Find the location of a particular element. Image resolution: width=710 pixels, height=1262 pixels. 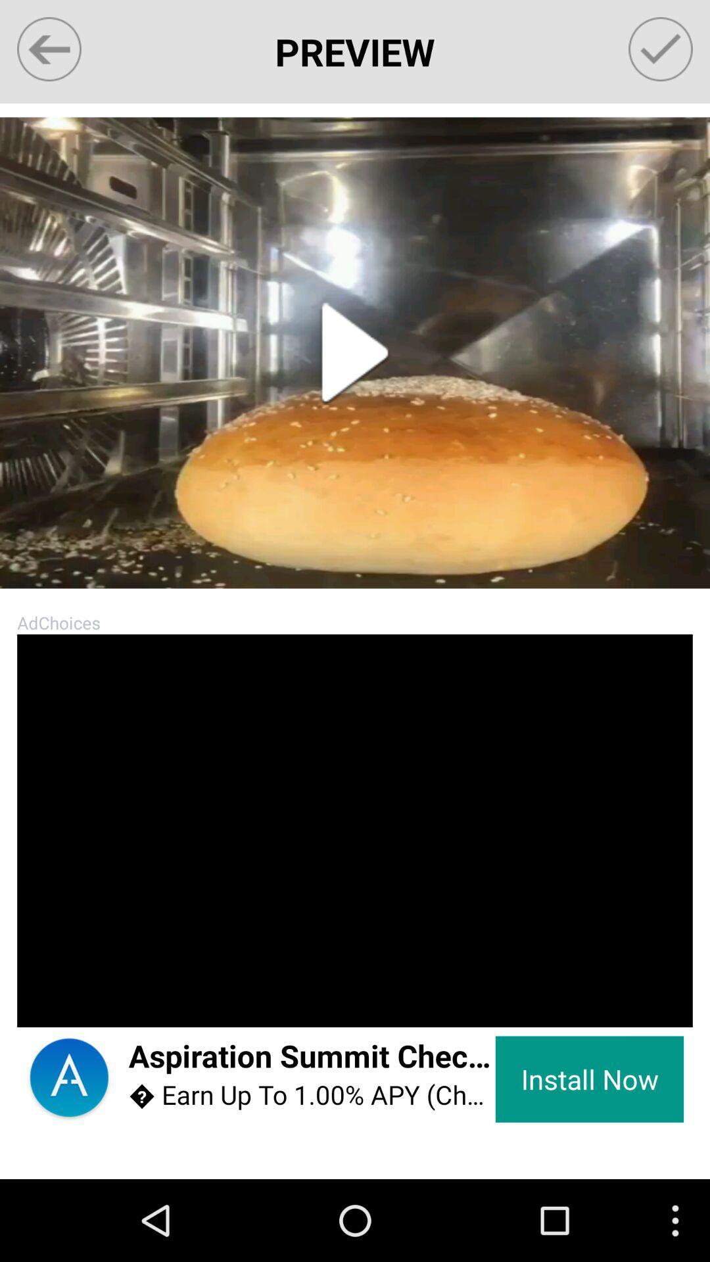

the icon at the bottom right corner is located at coordinates (589, 1079).